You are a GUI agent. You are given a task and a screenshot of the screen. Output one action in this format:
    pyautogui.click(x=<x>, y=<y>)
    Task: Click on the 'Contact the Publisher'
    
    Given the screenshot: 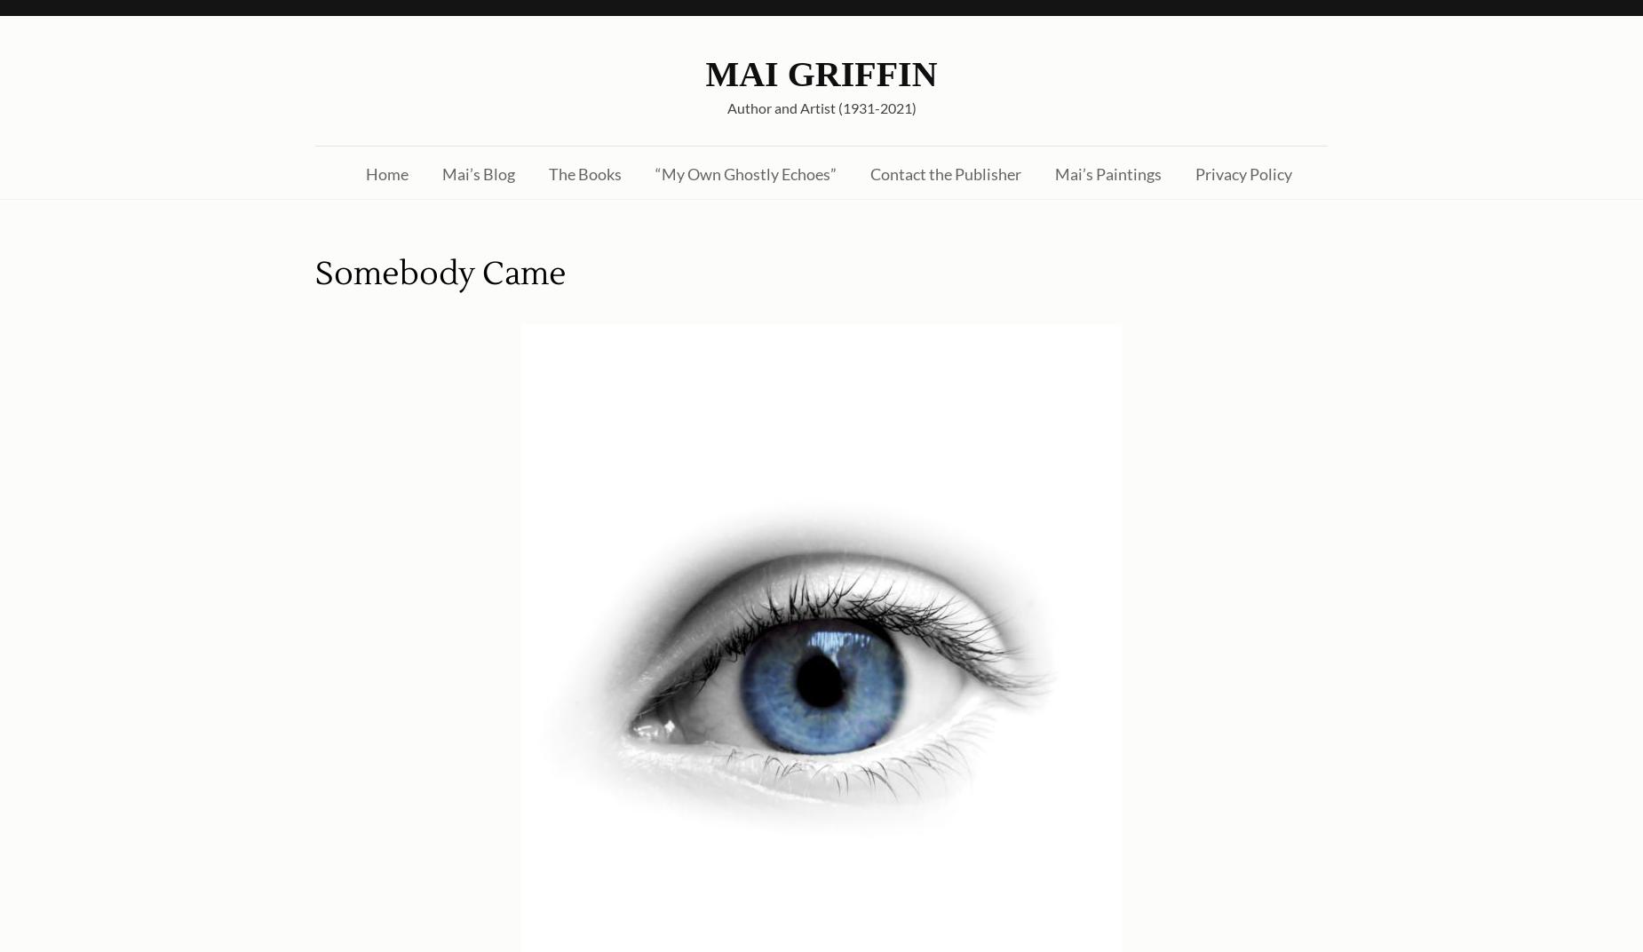 What is the action you would take?
    pyautogui.click(x=945, y=172)
    